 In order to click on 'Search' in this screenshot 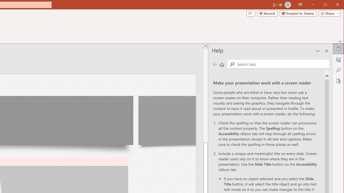, I will do `click(281, 64)`.